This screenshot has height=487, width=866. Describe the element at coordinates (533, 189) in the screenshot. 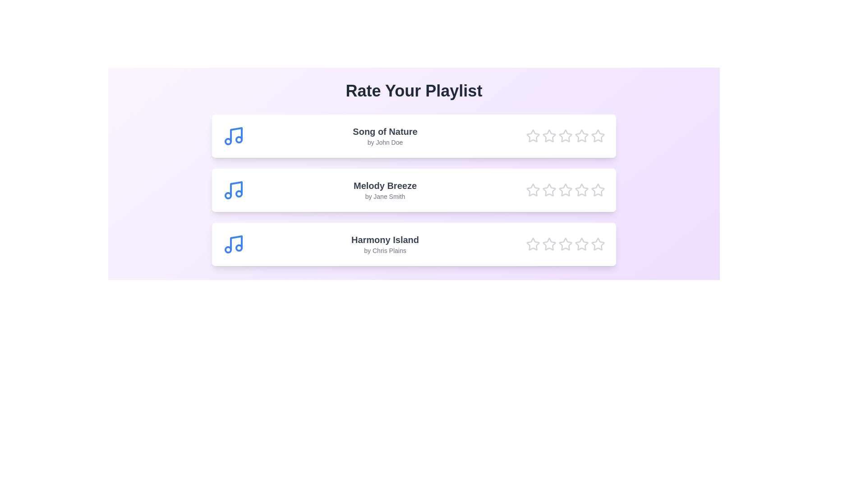

I see `the star corresponding to 1 for the song Melody Breeze` at that location.